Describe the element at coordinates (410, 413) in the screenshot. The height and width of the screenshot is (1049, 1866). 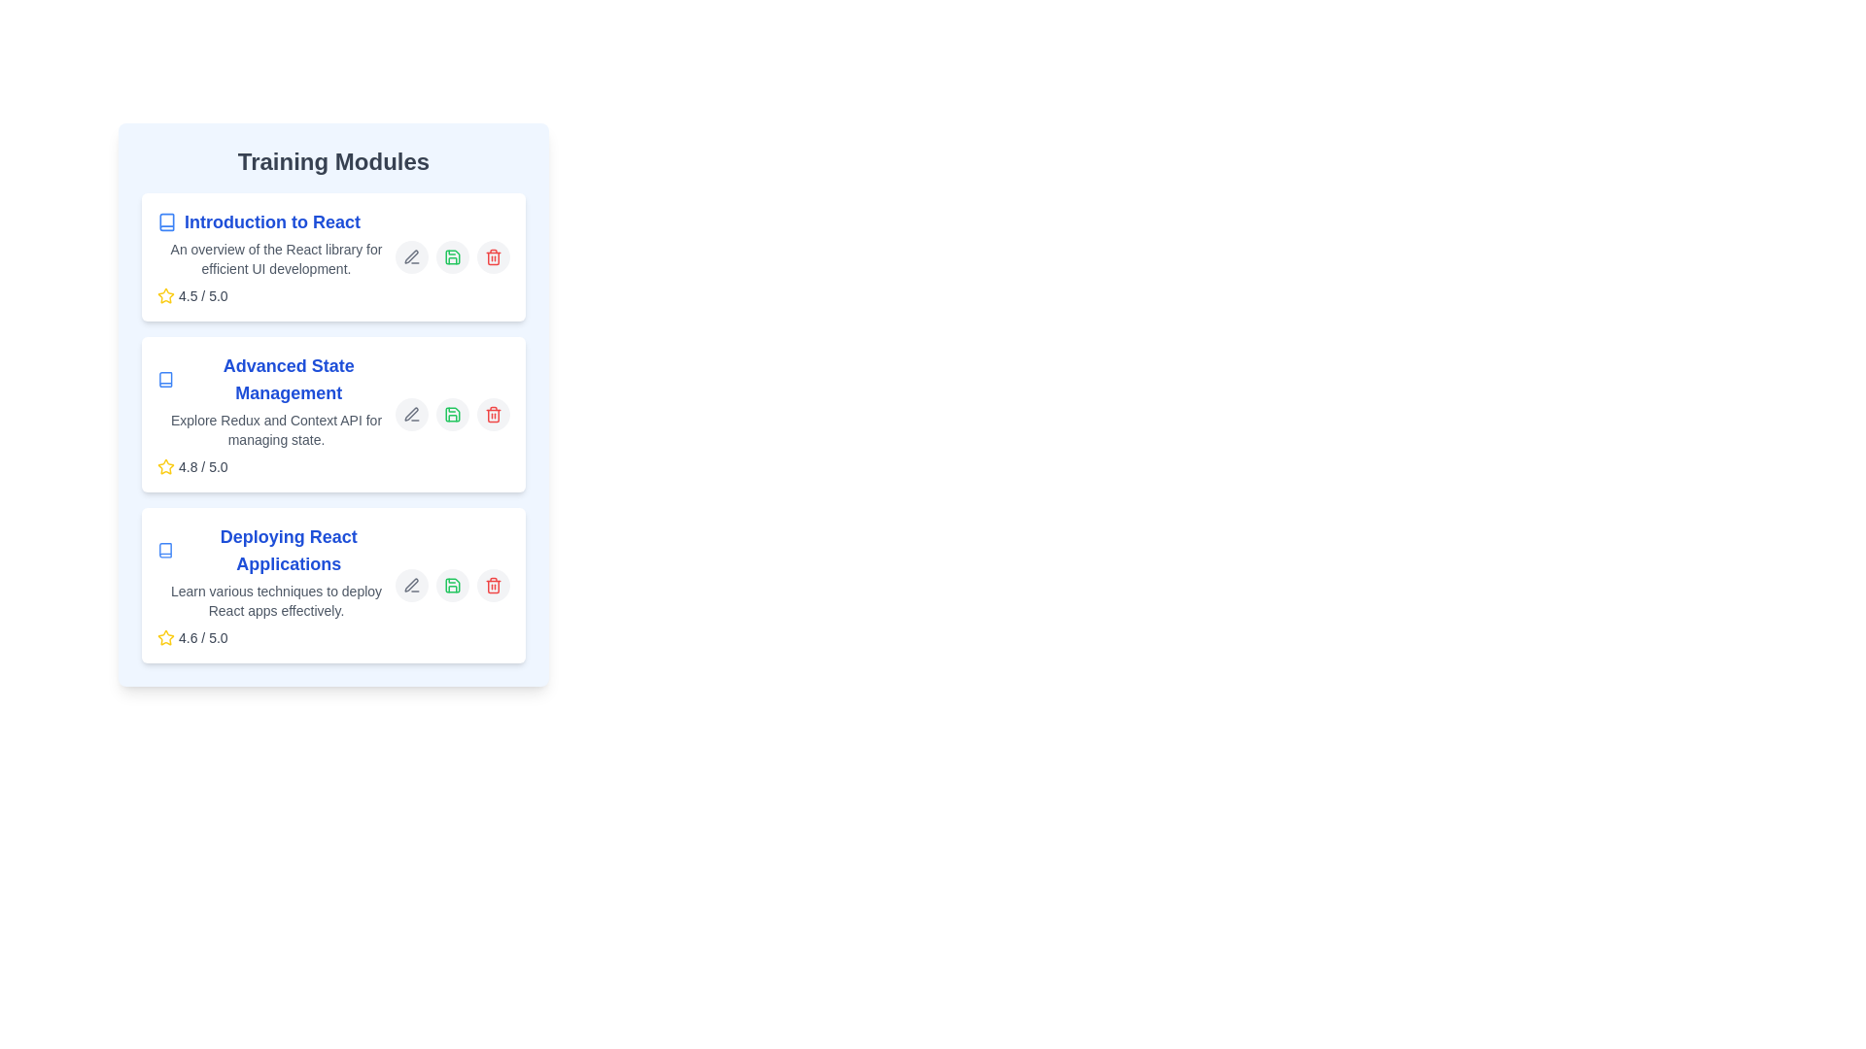
I see `the edit icon button, represented as a small SVG graphic of a stylized pen, located in the 'Advanced State Management' training module` at that location.